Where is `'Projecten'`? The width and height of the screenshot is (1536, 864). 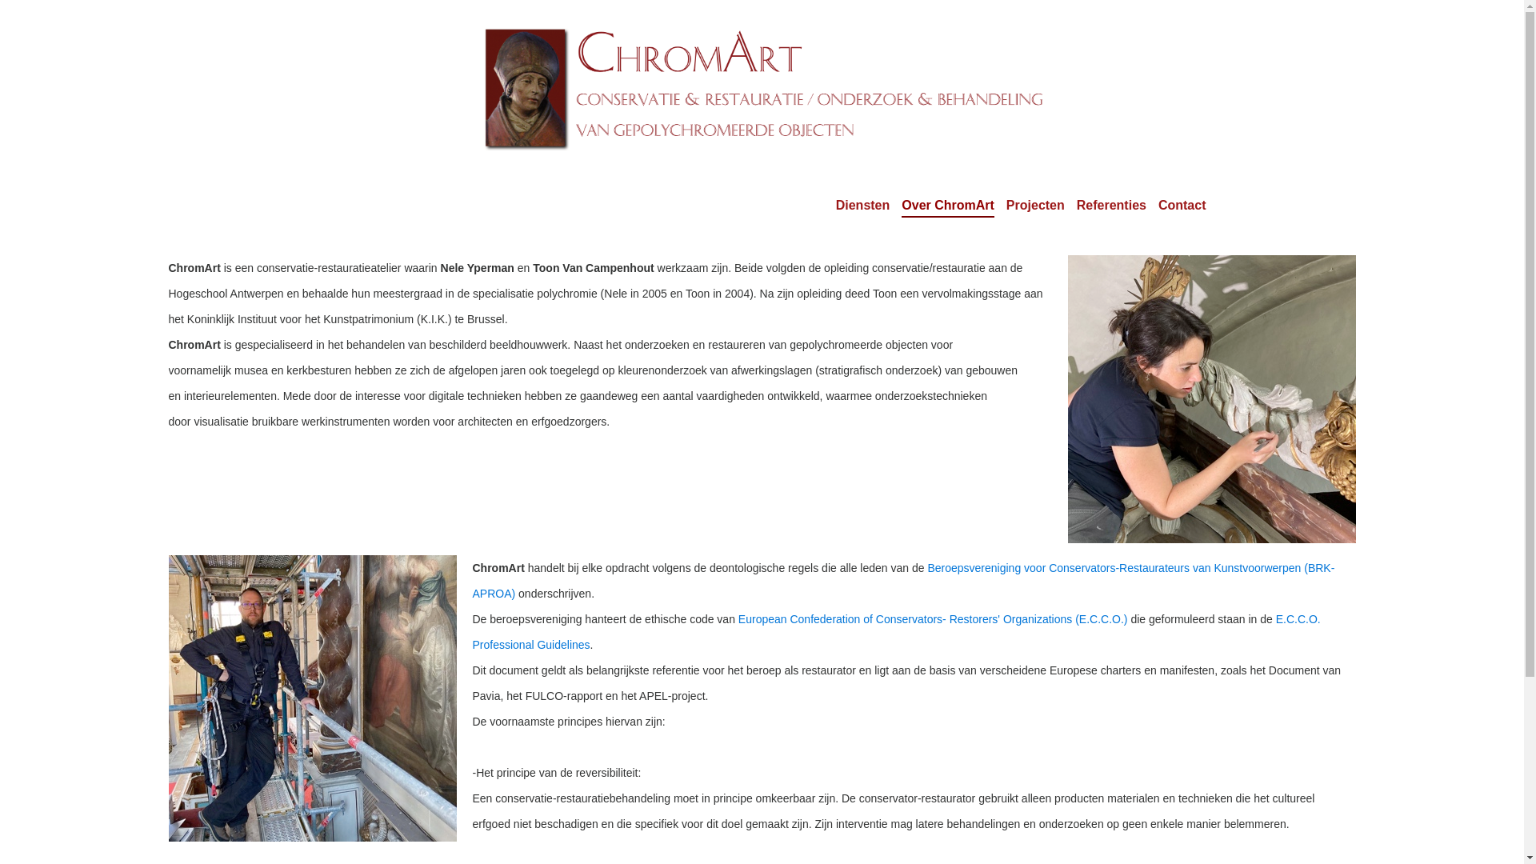 'Projecten' is located at coordinates (1035, 204).